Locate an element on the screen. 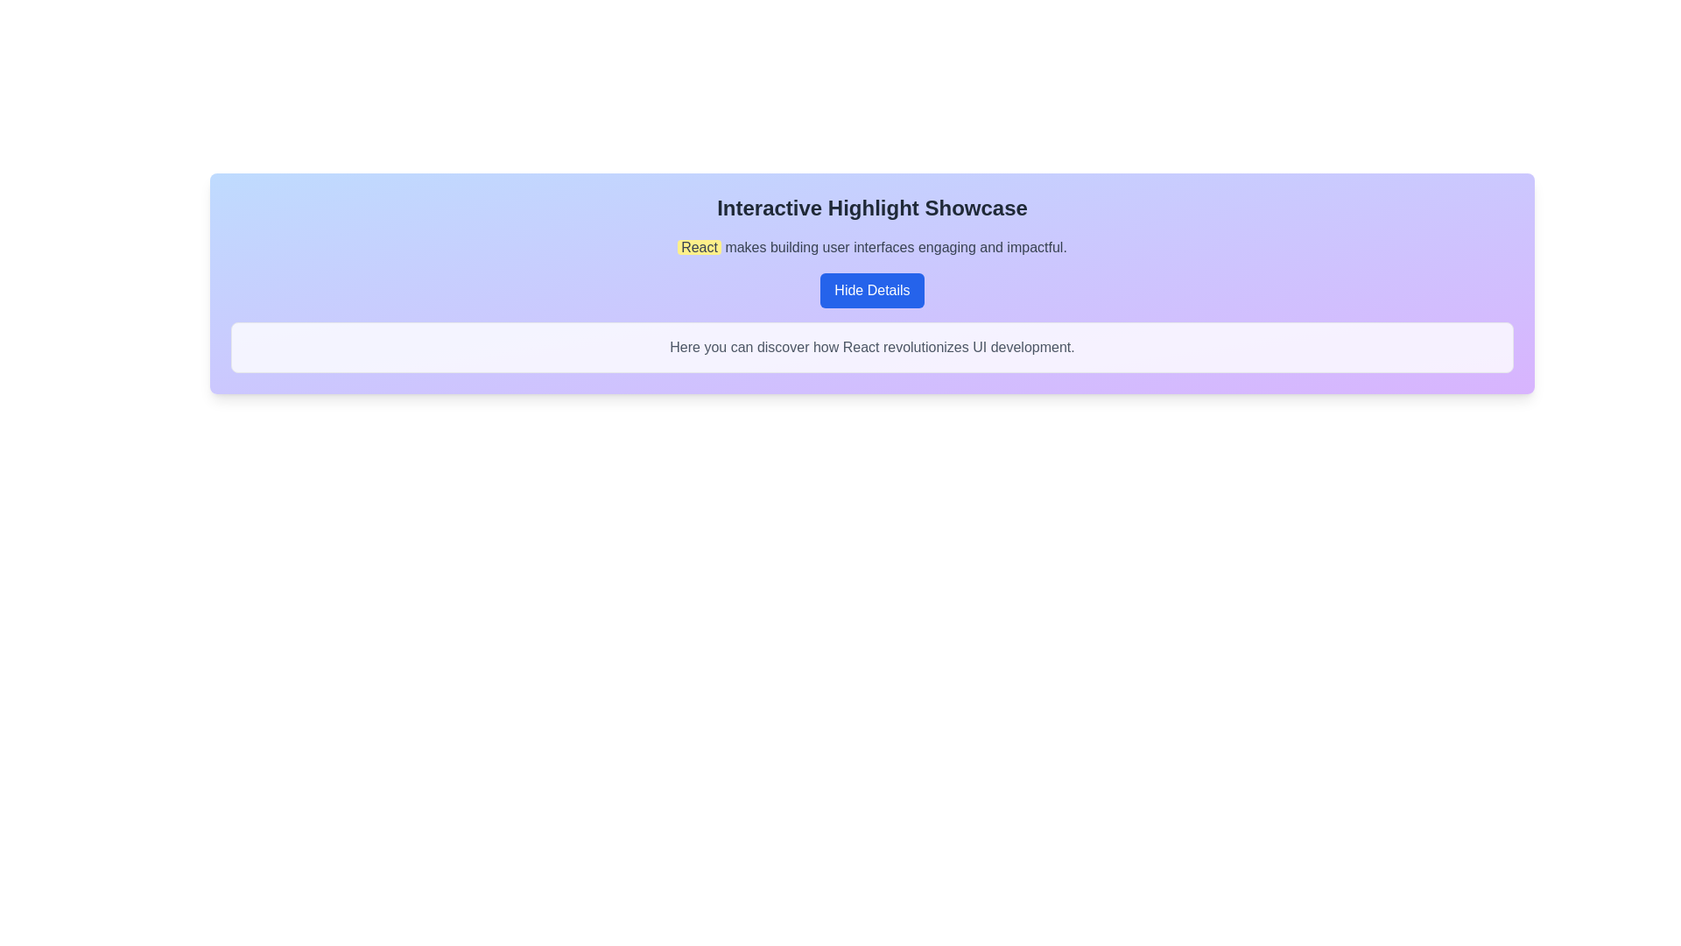  the text element that displays 'Here you can discover how React revolutionizes UI development.' within a white rounded rectangle at the lower section of the card area is located at coordinates (872, 348).